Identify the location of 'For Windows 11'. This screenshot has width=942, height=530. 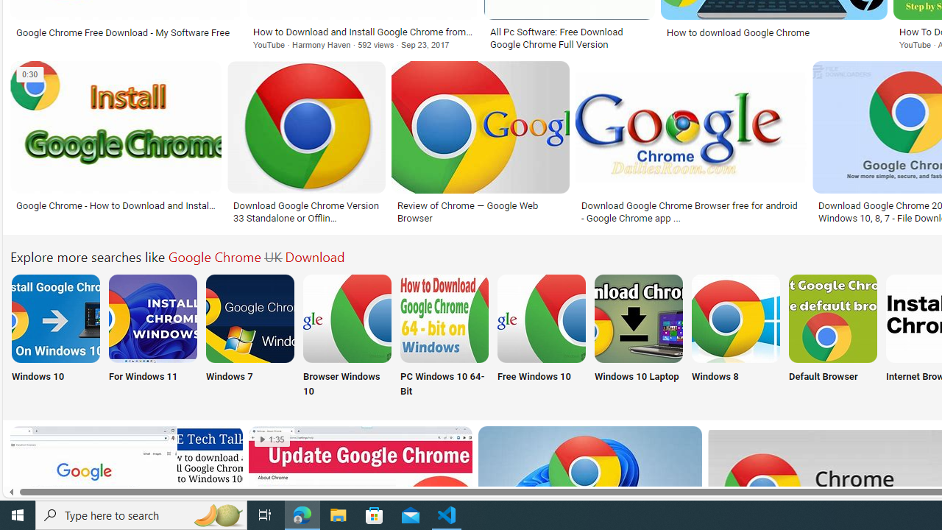
(153, 336).